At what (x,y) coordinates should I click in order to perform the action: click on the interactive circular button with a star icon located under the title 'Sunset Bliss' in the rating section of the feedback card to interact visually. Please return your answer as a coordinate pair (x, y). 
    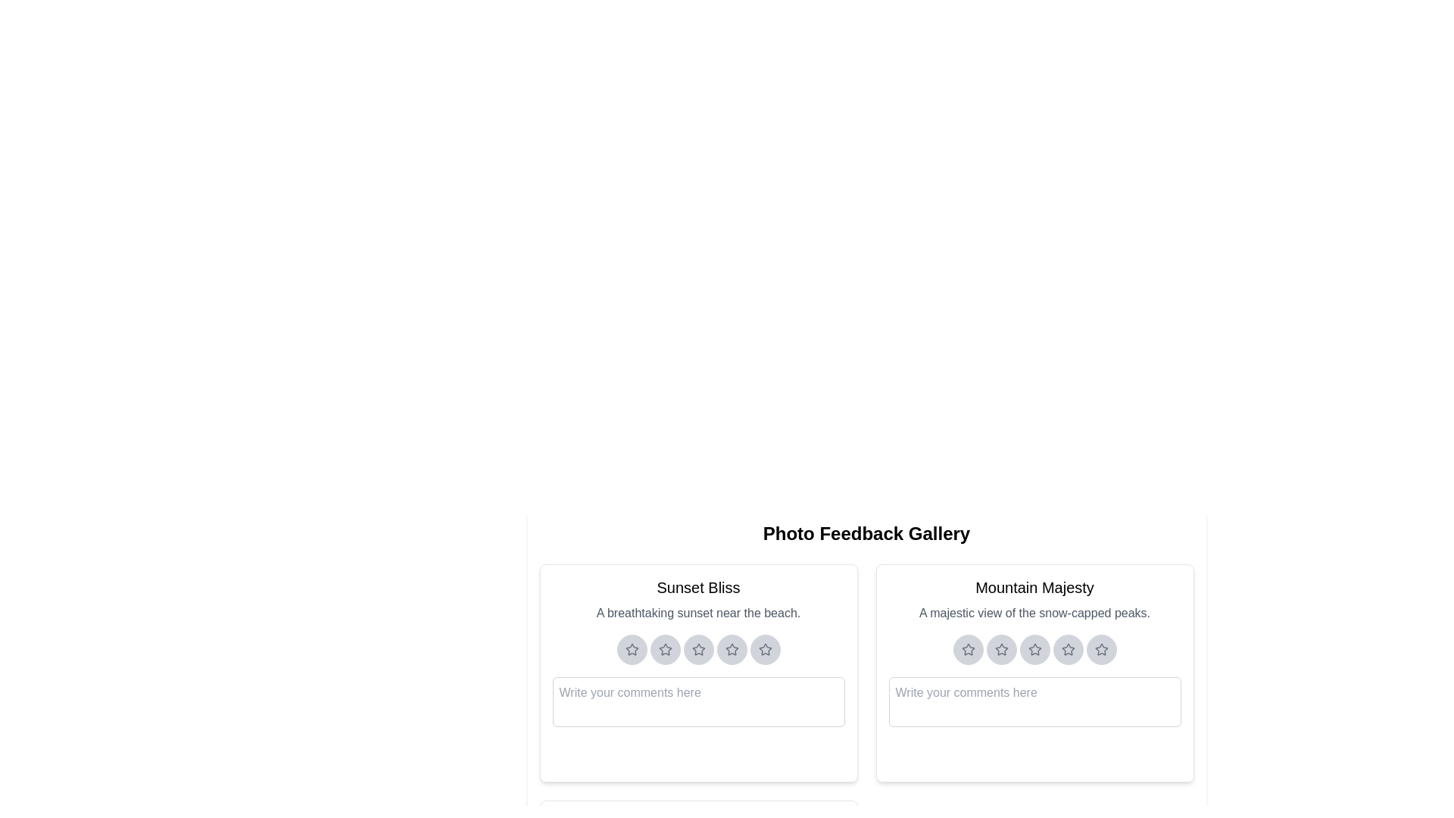
    Looking at the image, I should click on (632, 648).